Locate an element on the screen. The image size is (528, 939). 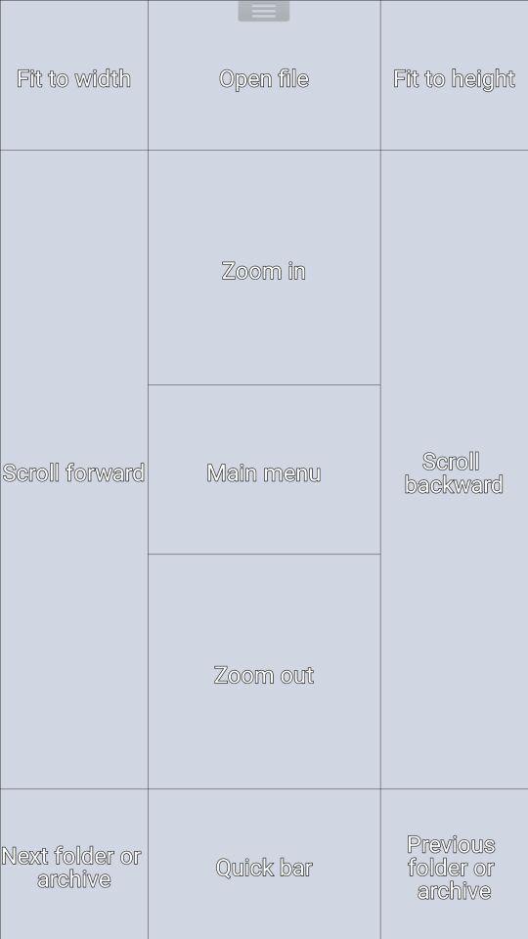
open menu is located at coordinates (263, 13).